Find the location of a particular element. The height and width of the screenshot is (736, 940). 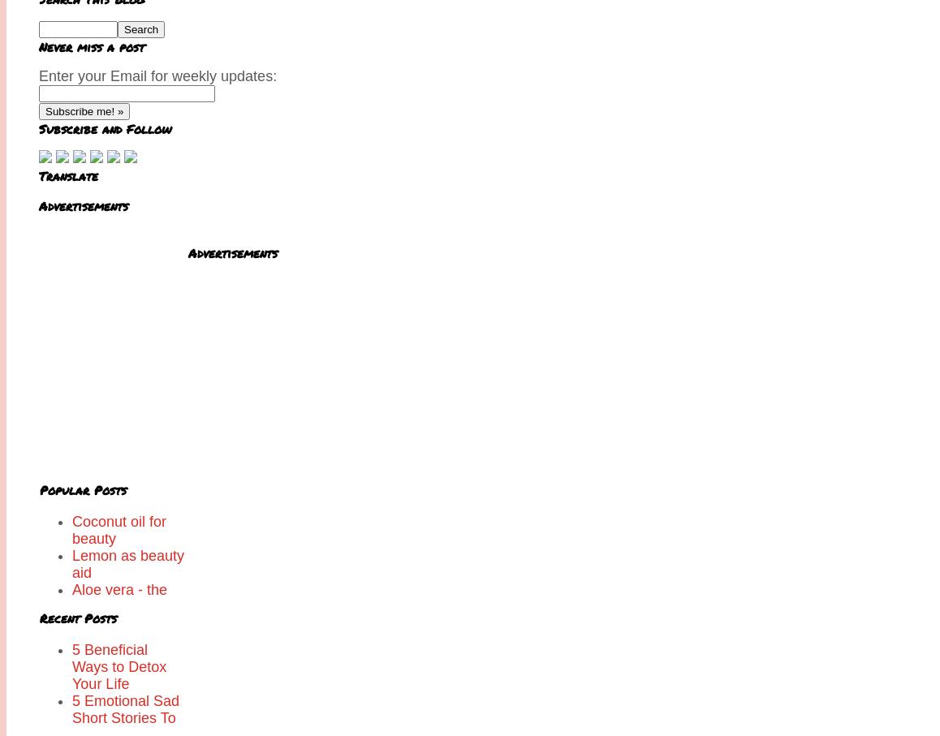

'Kapalabhati Pranayam - The breath of fire' is located at coordinates (123, 640).